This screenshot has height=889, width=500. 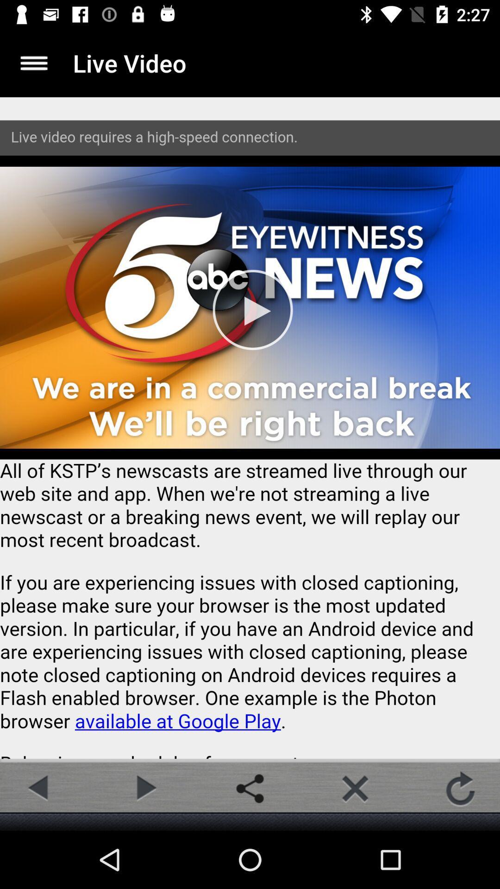 I want to click on go back, so click(x=39, y=788).